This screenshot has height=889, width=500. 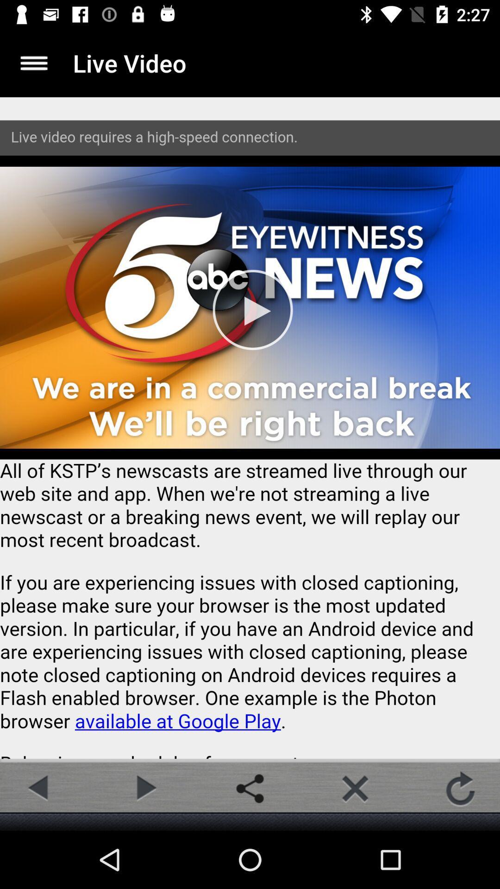 I want to click on go back, so click(x=39, y=788).